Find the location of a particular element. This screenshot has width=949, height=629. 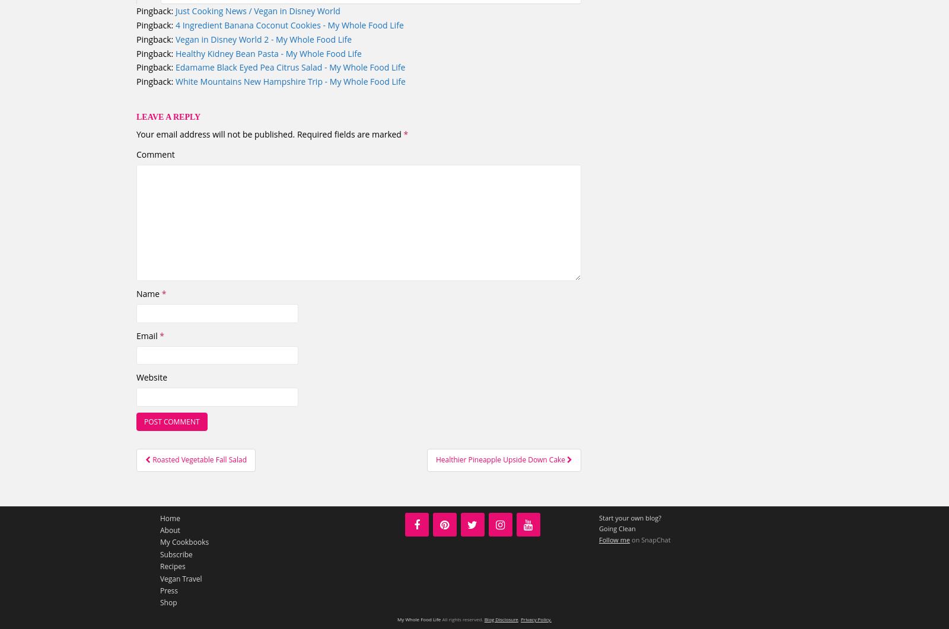

'Subscribe' is located at coordinates (176, 553).